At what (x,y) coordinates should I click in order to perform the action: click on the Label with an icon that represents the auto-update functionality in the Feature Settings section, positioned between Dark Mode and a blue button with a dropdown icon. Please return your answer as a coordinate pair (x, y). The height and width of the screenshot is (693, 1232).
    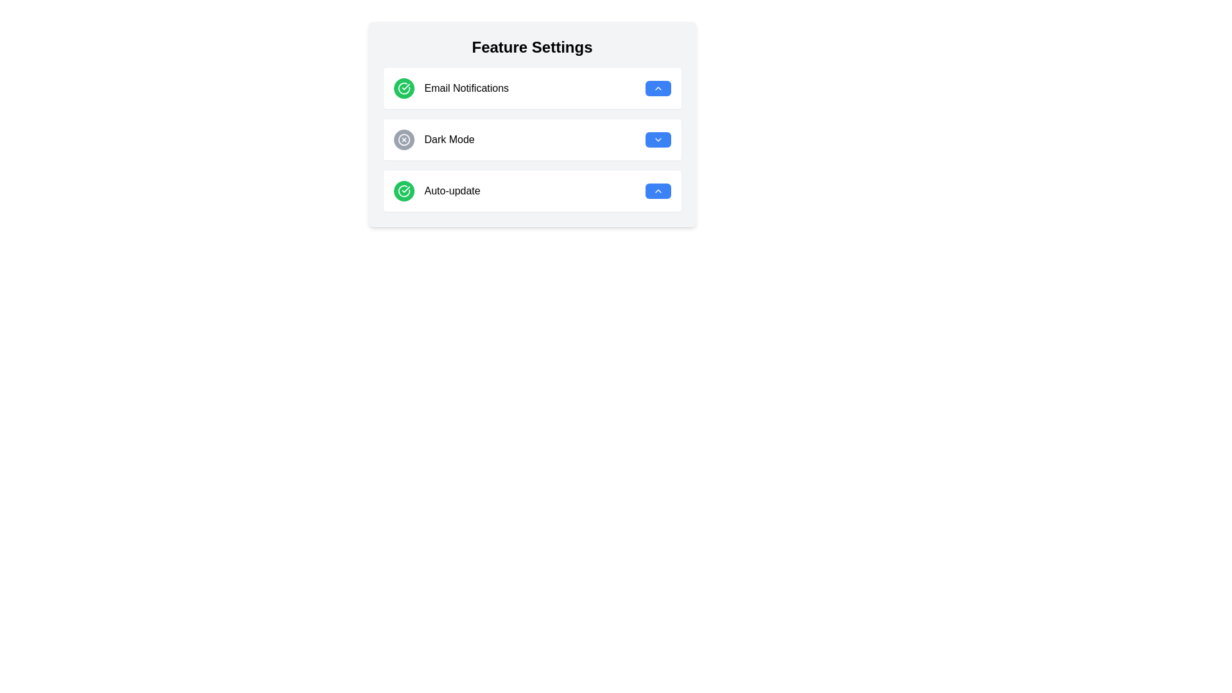
    Looking at the image, I should click on (437, 191).